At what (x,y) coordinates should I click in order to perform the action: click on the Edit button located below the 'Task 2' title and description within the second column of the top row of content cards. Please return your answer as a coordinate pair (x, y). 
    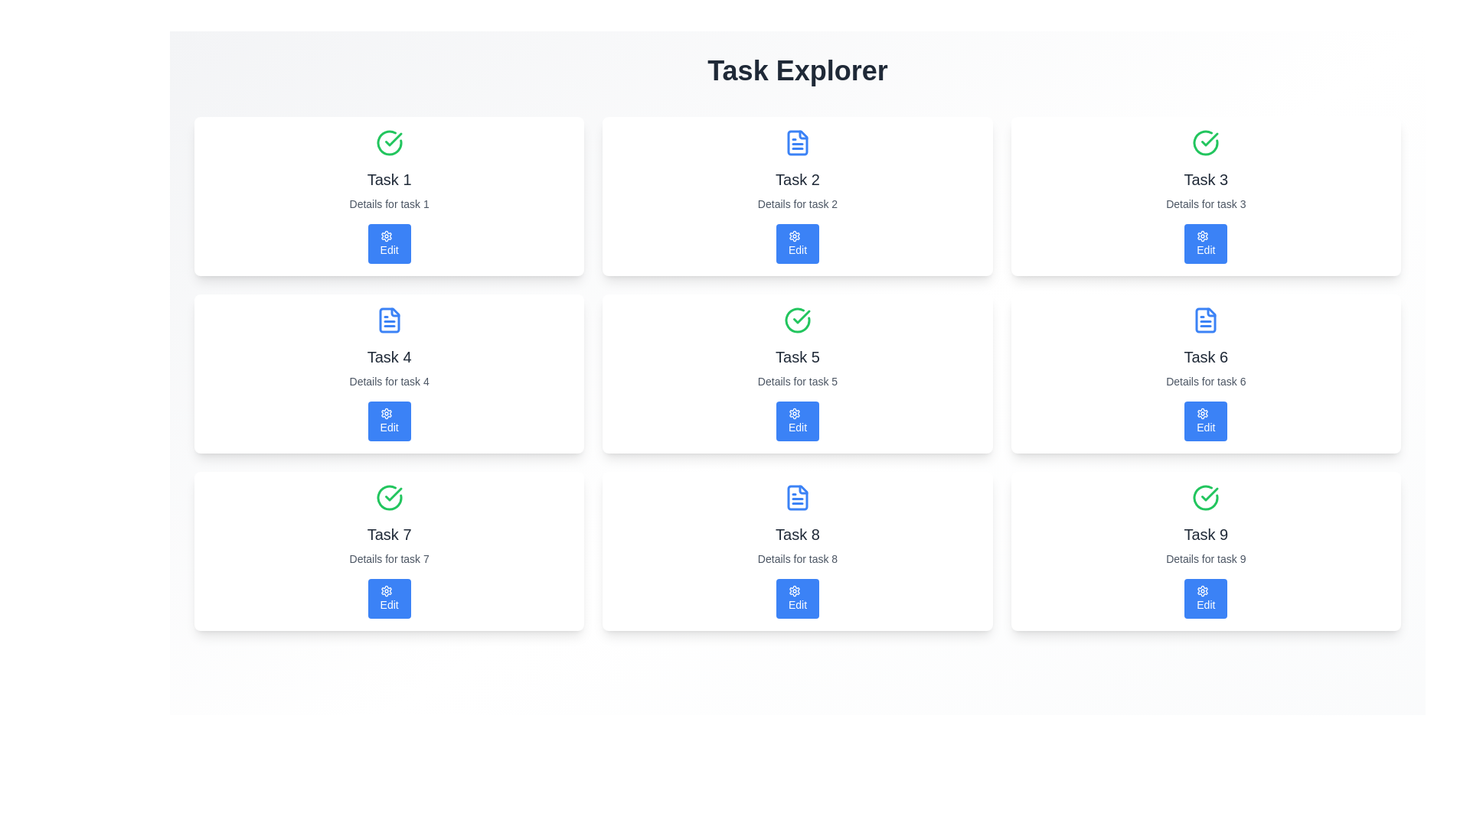
    Looking at the image, I should click on (796, 243).